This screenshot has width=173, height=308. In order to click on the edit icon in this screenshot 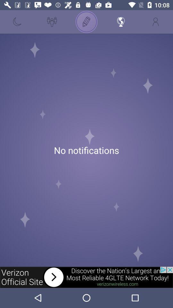, I will do `click(86, 22)`.